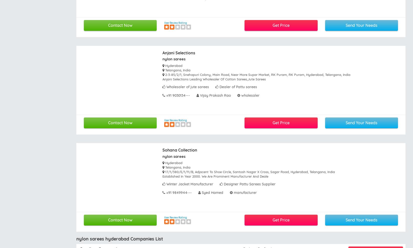  I want to click on 'News and Events', so click(160, 151).